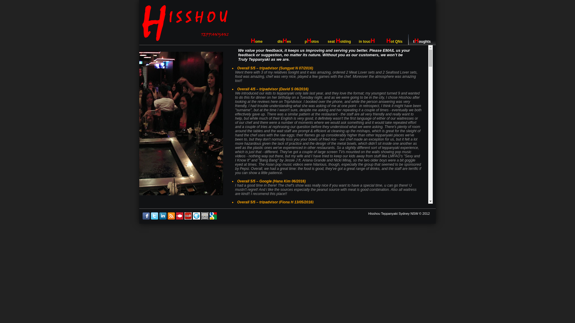  What do you see at coordinates (256, 39) in the screenshot?
I see `'Home'` at bounding box center [256, 39].